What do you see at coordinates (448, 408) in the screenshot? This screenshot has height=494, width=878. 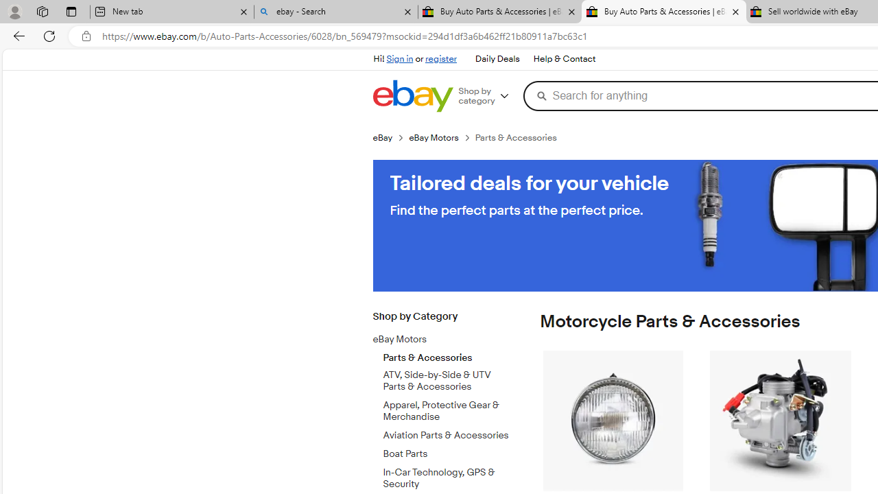 I see `'Apparel, Protective Gear & Merchandise'` at bounding box center [448, 408].